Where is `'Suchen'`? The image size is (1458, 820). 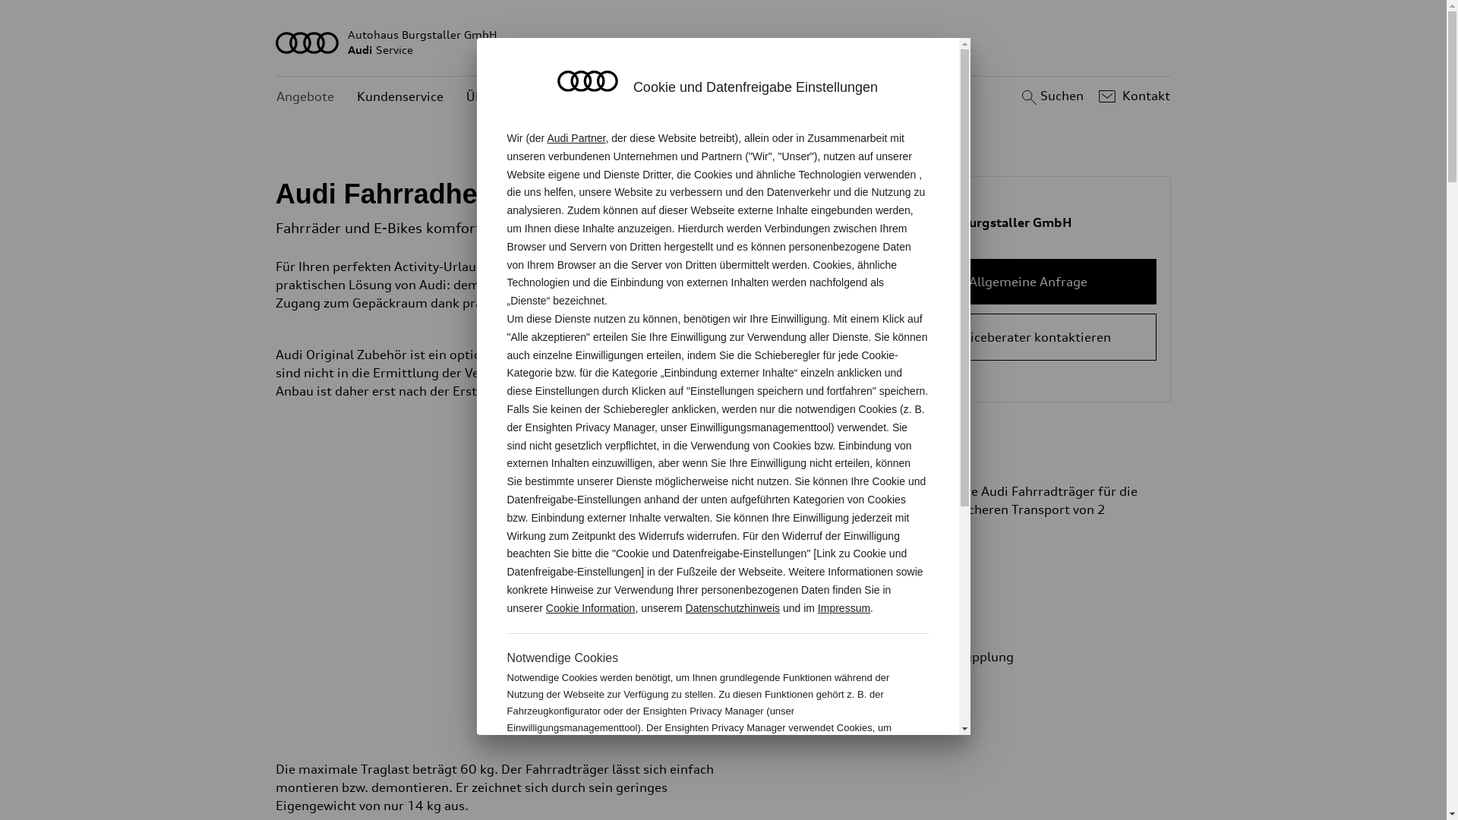 'Suchen' is located at coordinates (1017, 96).